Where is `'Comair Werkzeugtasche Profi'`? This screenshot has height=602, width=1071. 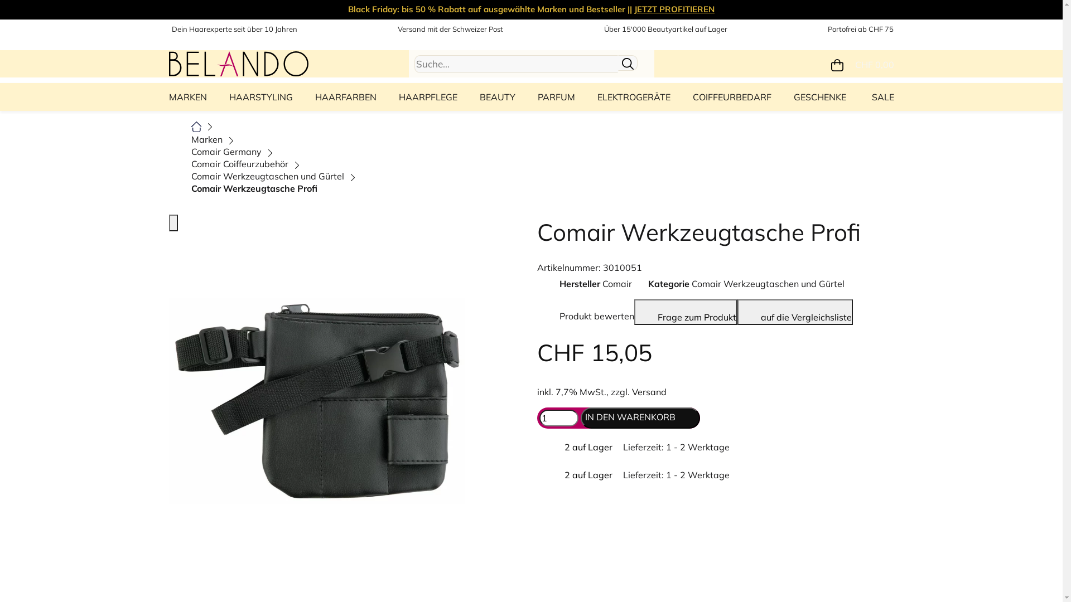 'Comair Werkzeugtasche Profi' is located at coordinates (190, 188).